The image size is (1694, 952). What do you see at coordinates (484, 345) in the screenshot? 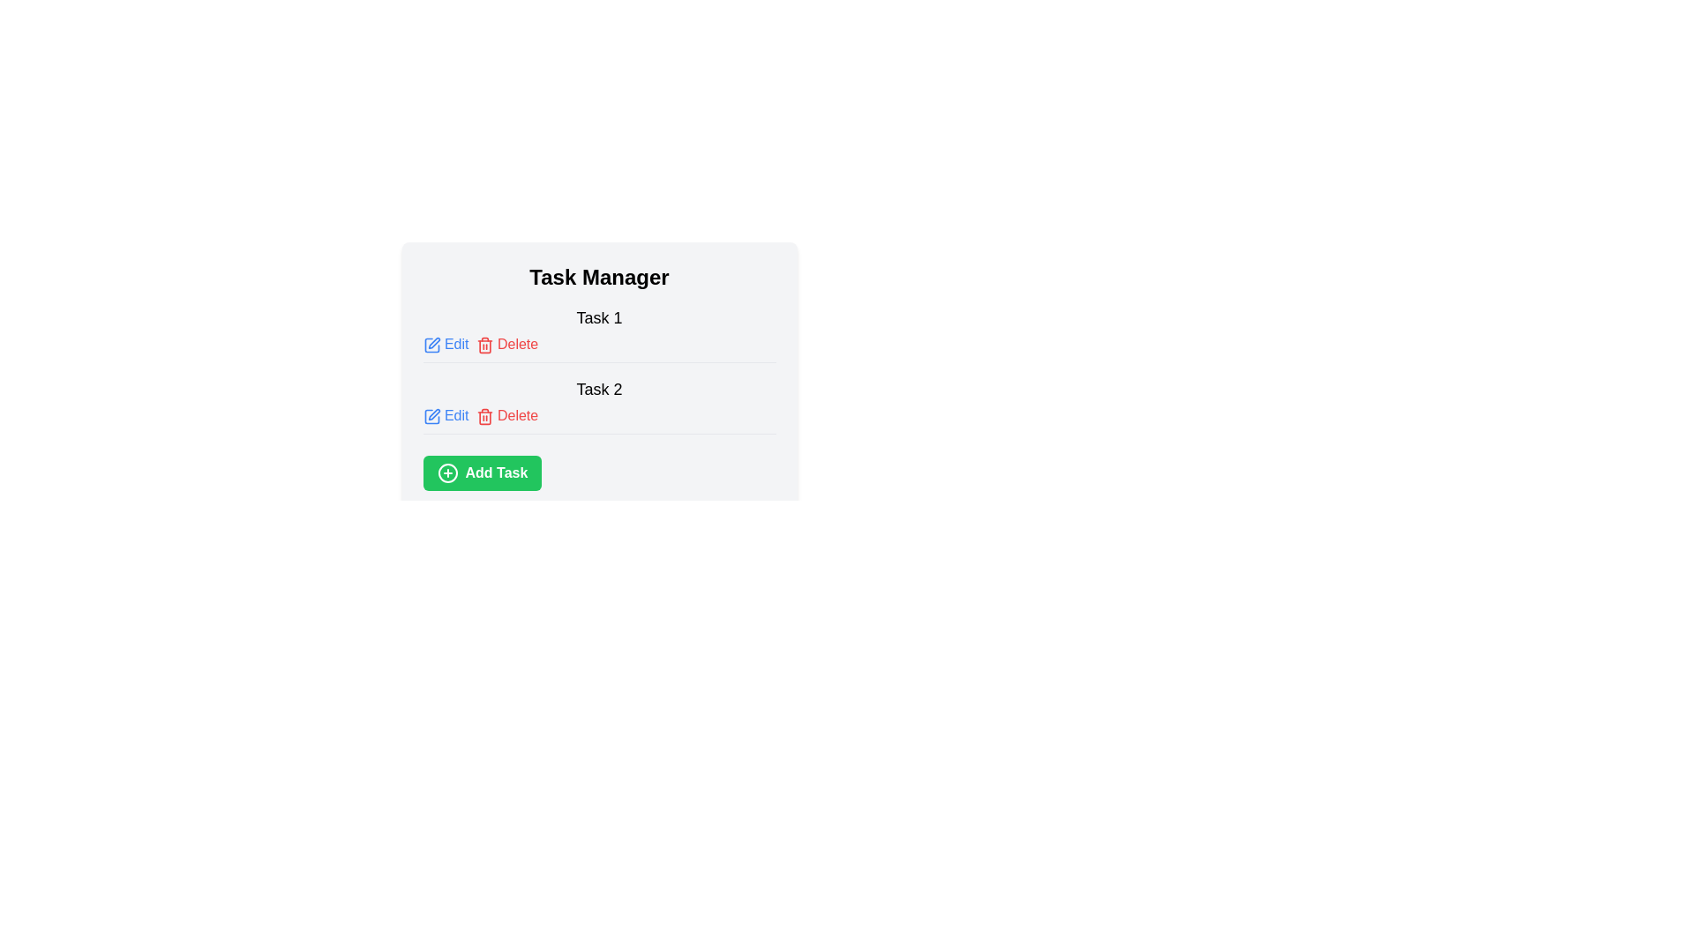
I see `the red trash can icon associated with the 'Delete' action for 'Task 1'` at bounding box center [484, 345].